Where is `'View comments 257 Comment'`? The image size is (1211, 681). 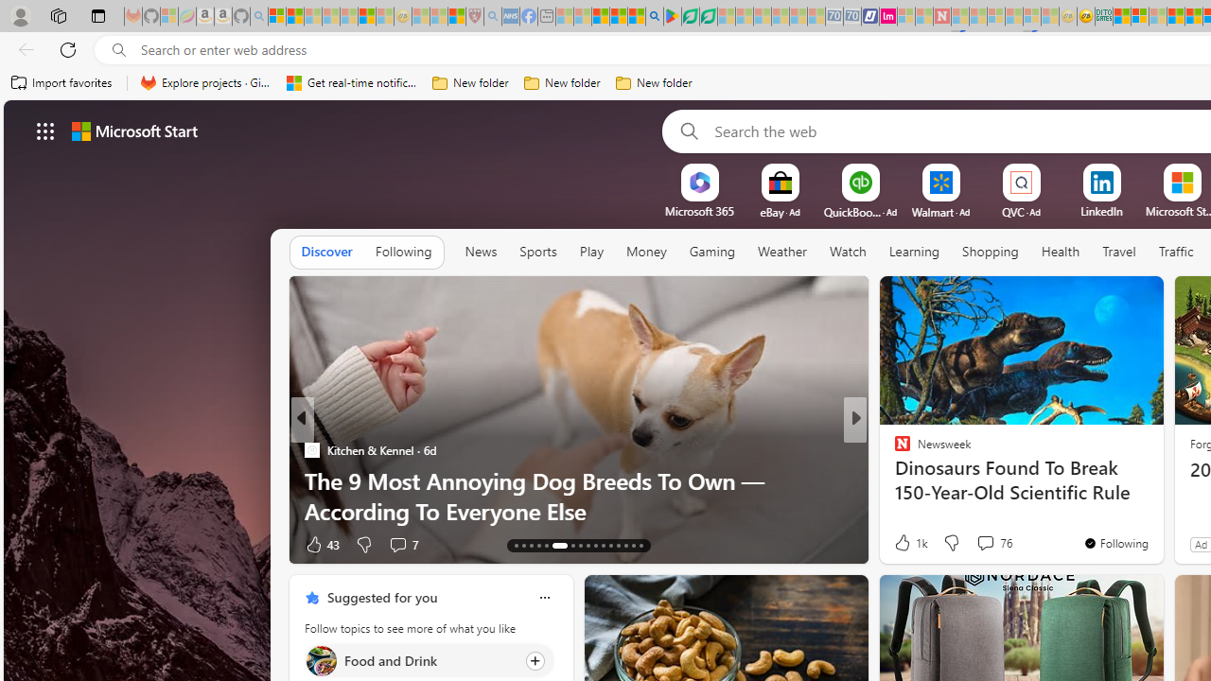
'View comments 257 Comment' is located at coordinates (985, 544).